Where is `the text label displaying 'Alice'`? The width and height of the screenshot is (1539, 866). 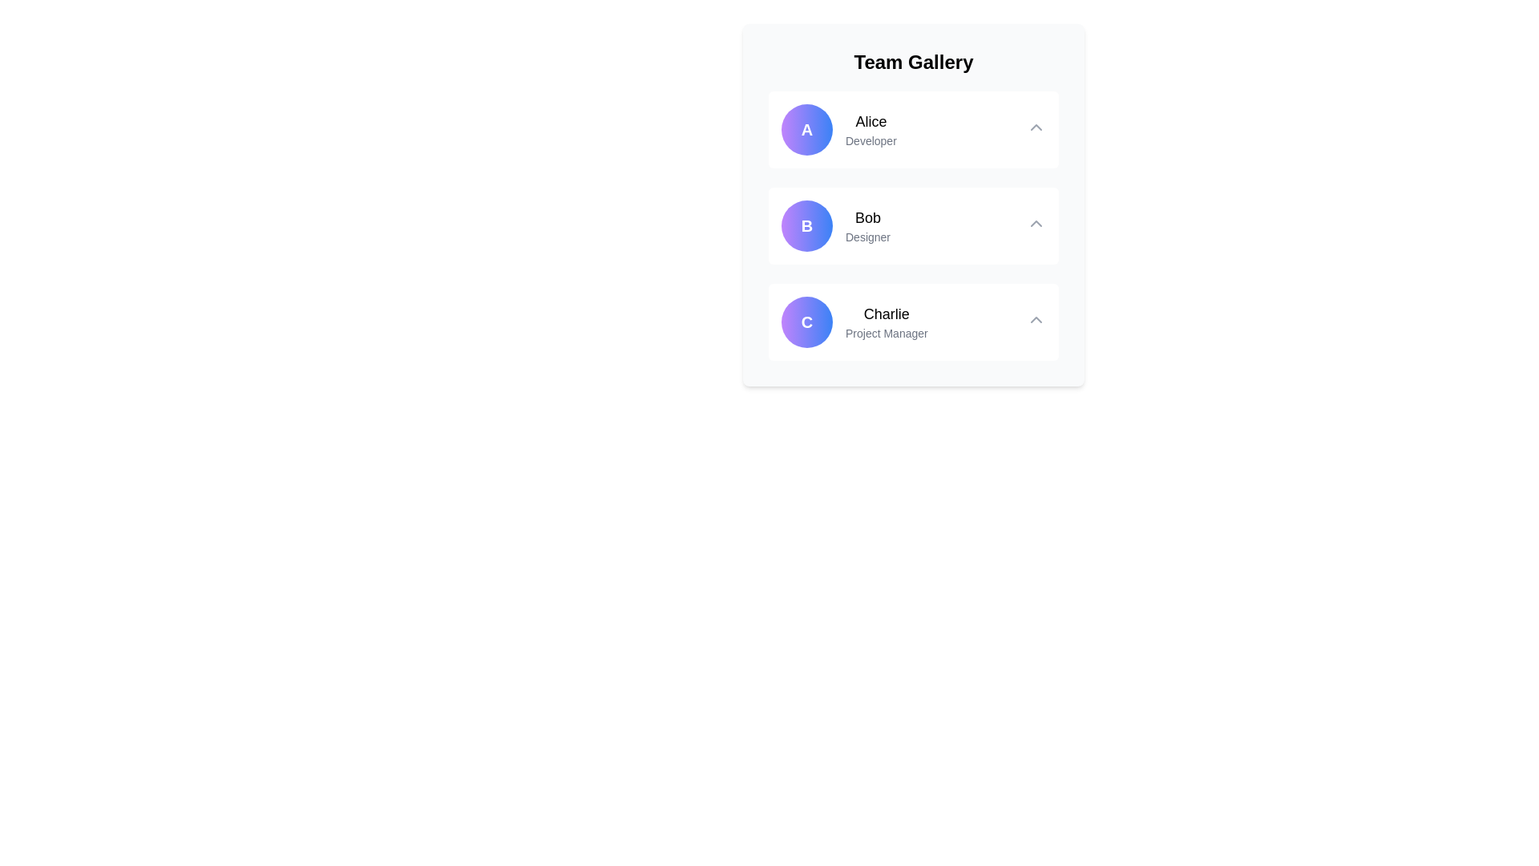
the text label displaying 'Alice' is located at coordinates (870, 120).